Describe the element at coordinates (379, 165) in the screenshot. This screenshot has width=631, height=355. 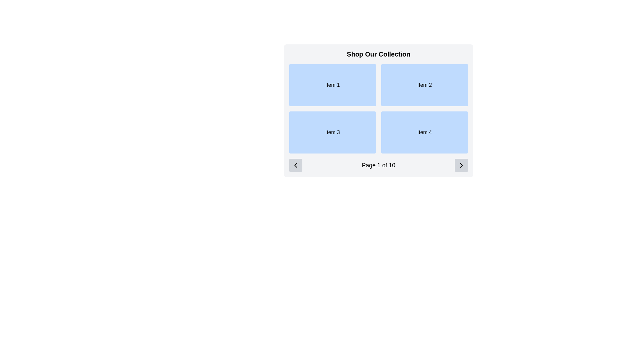
I see `the text displaying the current page number and total number of pages, located at the bottom of the 'Shop Our Collection' section` at that location.